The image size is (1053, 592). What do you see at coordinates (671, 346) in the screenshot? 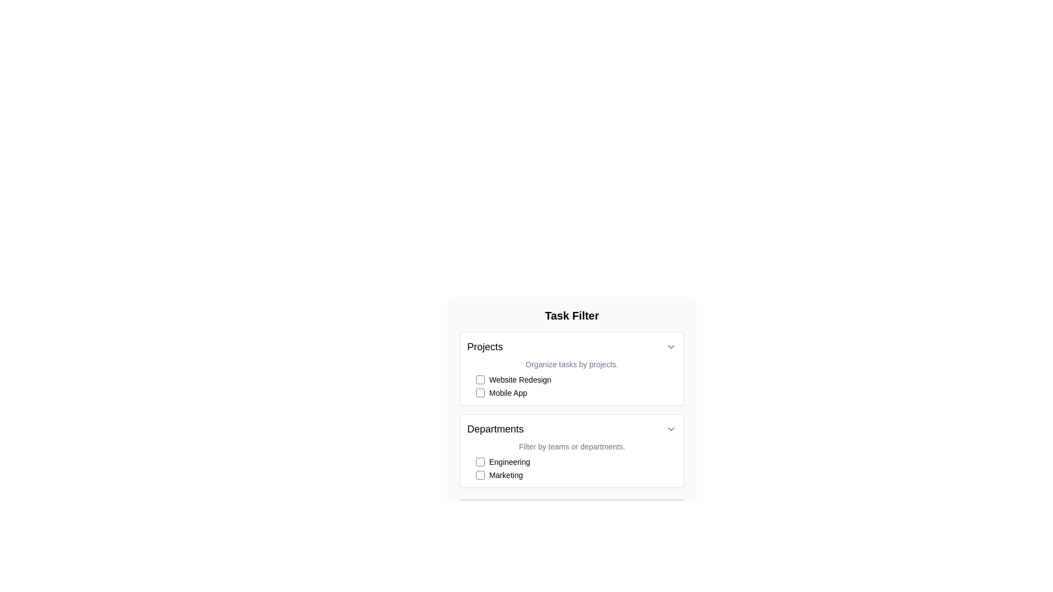
I see `the chevron icon located` at bounding box center [671, 346].